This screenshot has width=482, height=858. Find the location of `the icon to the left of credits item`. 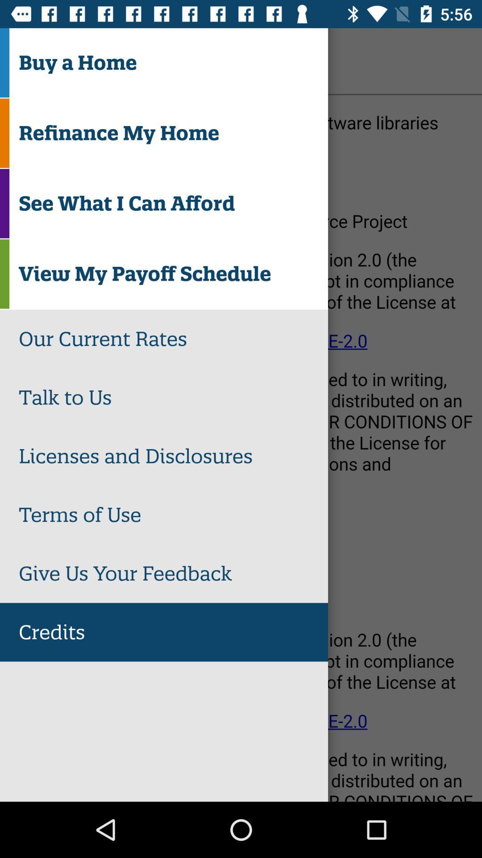

the icon to the left of credits item is located at coordinates (32, 60).